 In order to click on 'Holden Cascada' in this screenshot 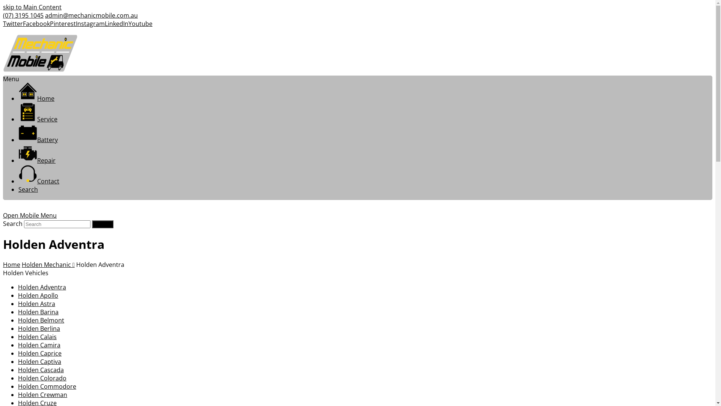, I will do `click(41, 369)`.